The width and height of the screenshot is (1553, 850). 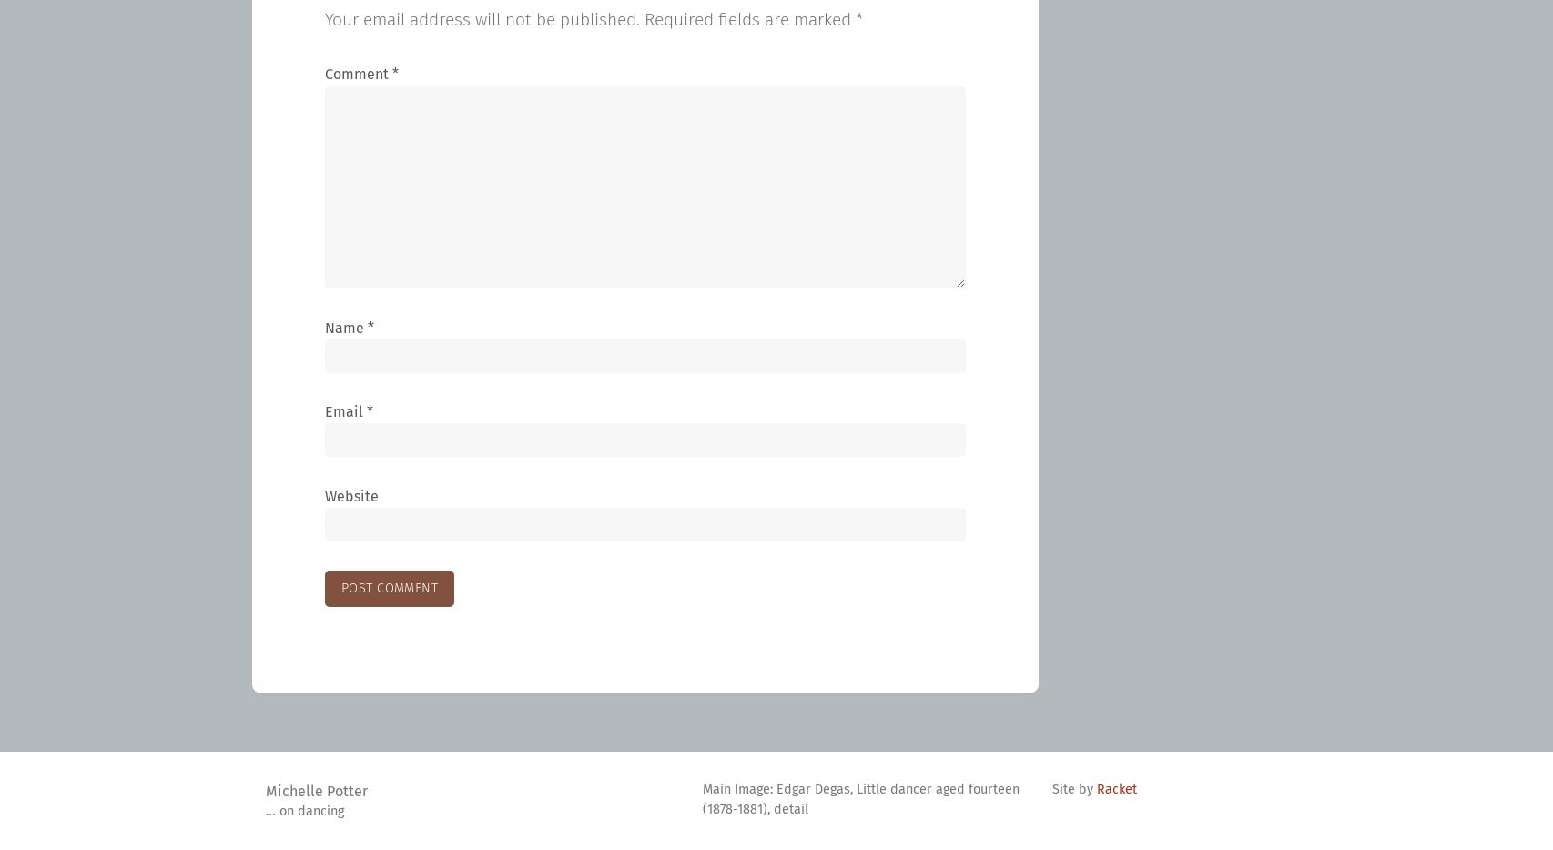 I want to click on 'Website', so click(x=351, y=495).